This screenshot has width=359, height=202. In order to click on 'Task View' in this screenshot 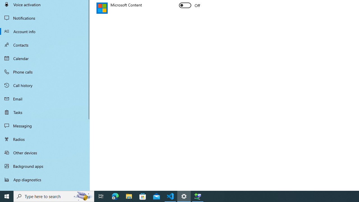, I will do `click(101, 196)`.